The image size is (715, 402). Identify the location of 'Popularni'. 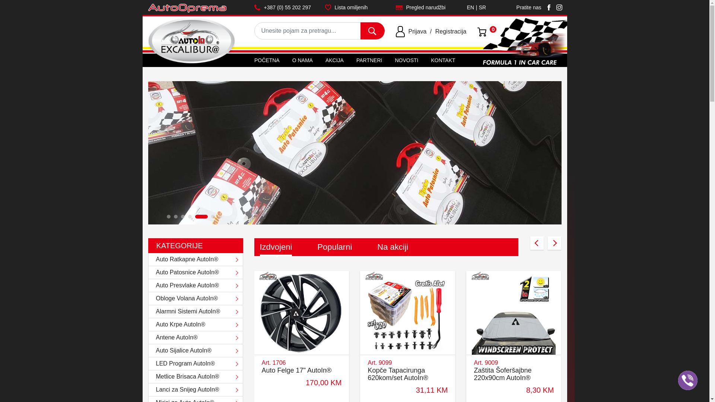
(334, 247).